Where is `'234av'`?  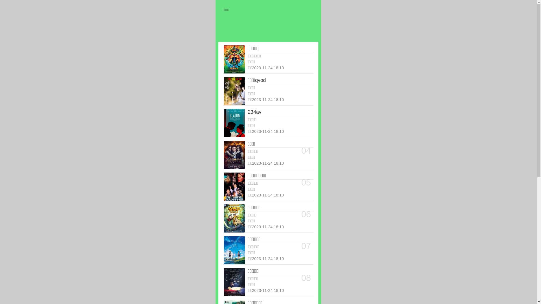
'234av' is located at coordinates (247, 112).